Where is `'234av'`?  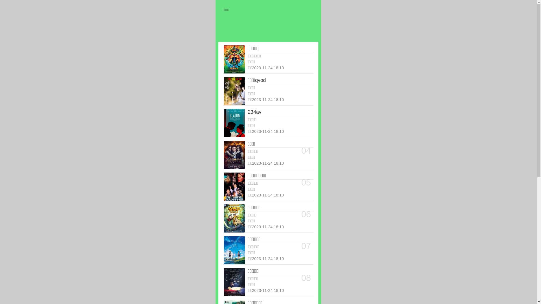
'234av' is located at coordinates (247, 112).